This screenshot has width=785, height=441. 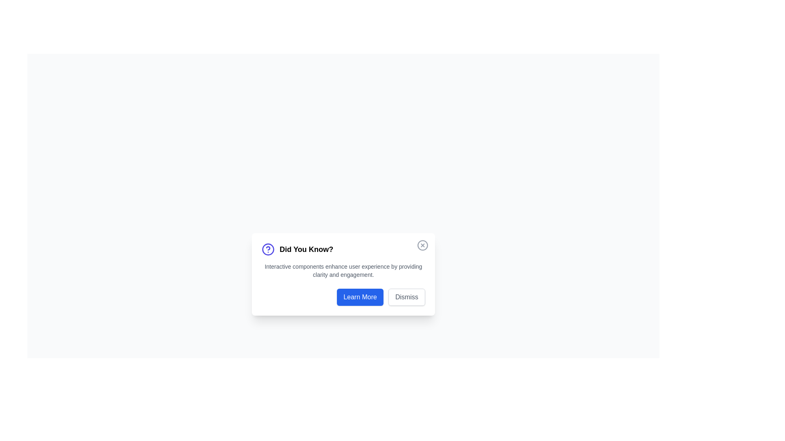 I want to click on the 'Learn More' button, which is a rectangular button with white text on a blue background, located in the lower section of a dialog box, so click(x=343, y=297).